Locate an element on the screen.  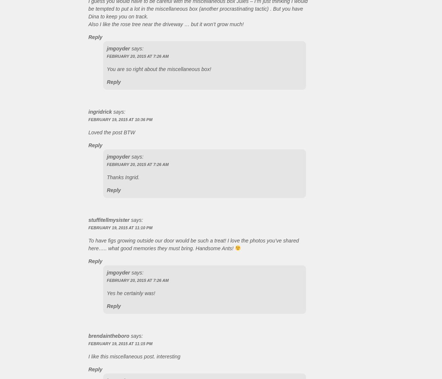
'You are so right about the miscellaneous box!' is located at coordinates (159, 69).